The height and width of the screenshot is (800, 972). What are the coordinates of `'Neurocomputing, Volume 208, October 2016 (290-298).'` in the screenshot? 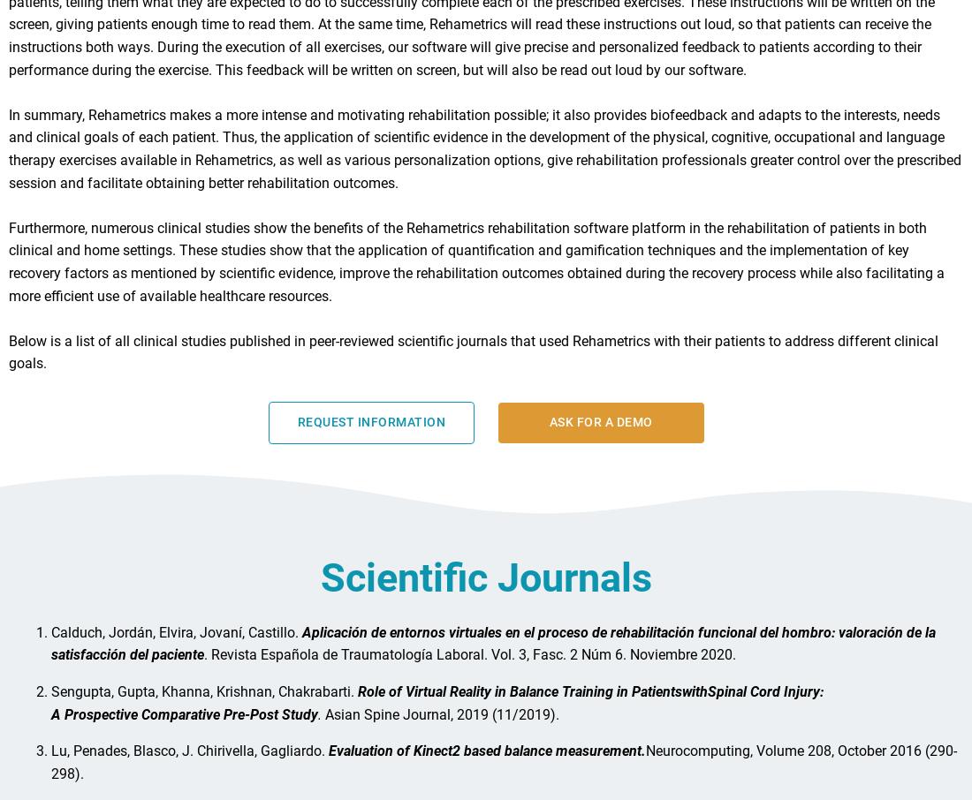 It's located at (503, 769).